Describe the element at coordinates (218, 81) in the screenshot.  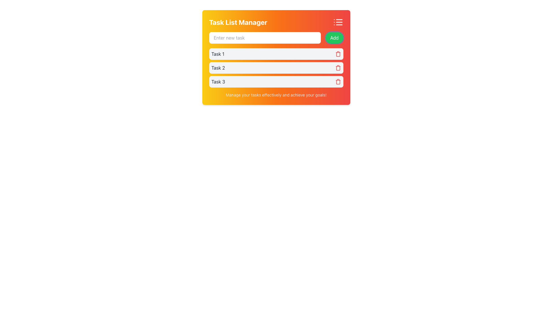
I see `the static text label that displays the name or title of the third task in the task manager interface, located to the left of the delete icon and above the footer text` at that location.